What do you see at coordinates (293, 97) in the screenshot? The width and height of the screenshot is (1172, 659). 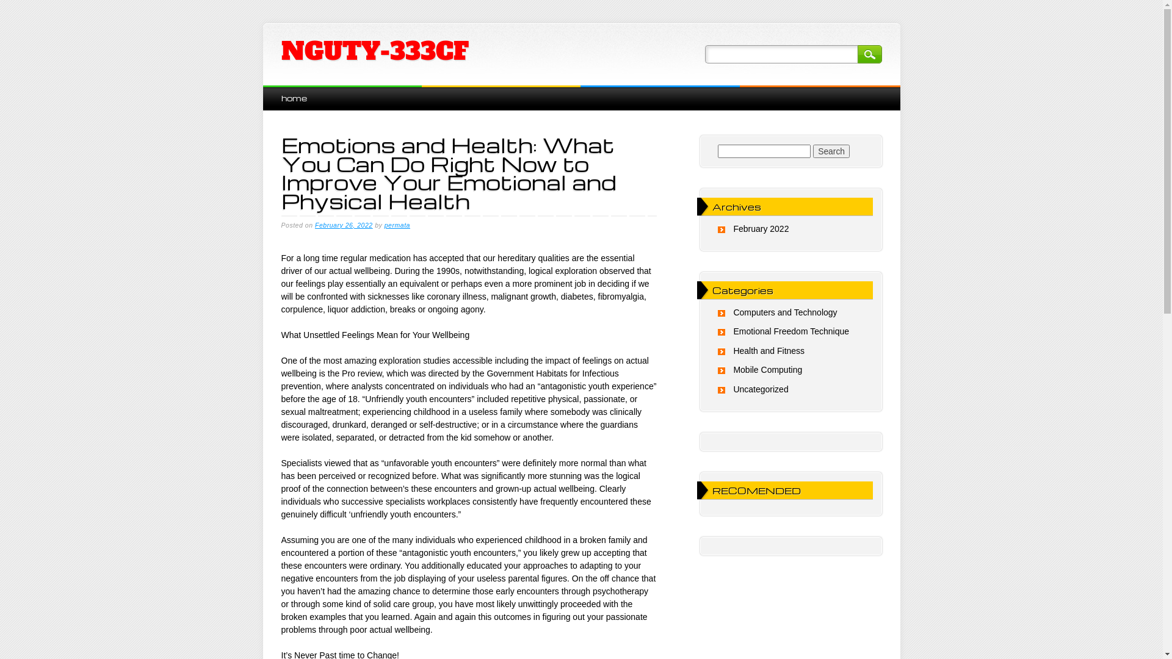 I see `'home'` at bounding box center [293, 97].